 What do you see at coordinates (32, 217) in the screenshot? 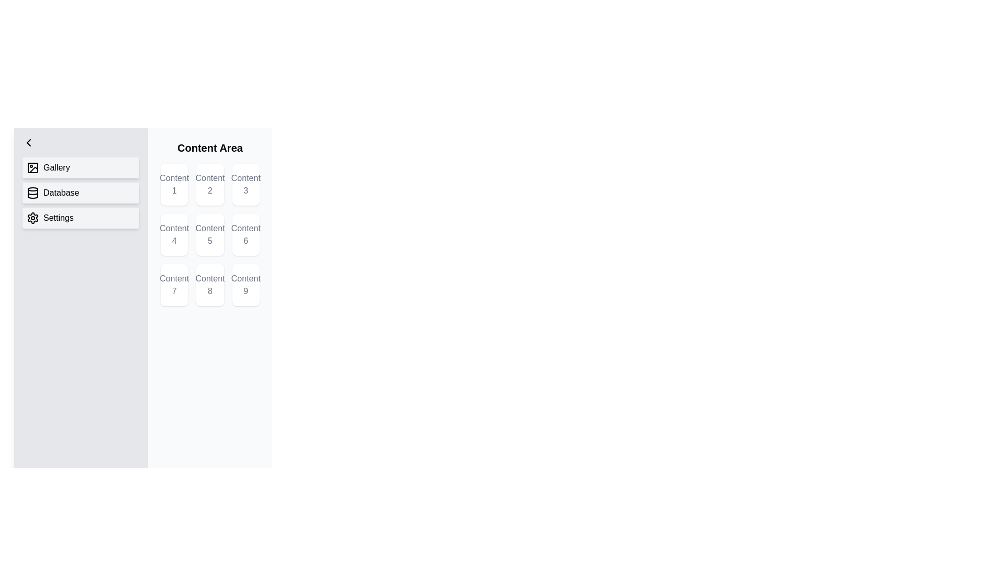
I see `the gear-like icon in the left-hand vertical navigation column` at bounding box center [32, 217].